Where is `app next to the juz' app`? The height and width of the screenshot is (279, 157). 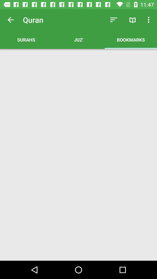 app next to the juz' app is located at coordinates (26, 39).